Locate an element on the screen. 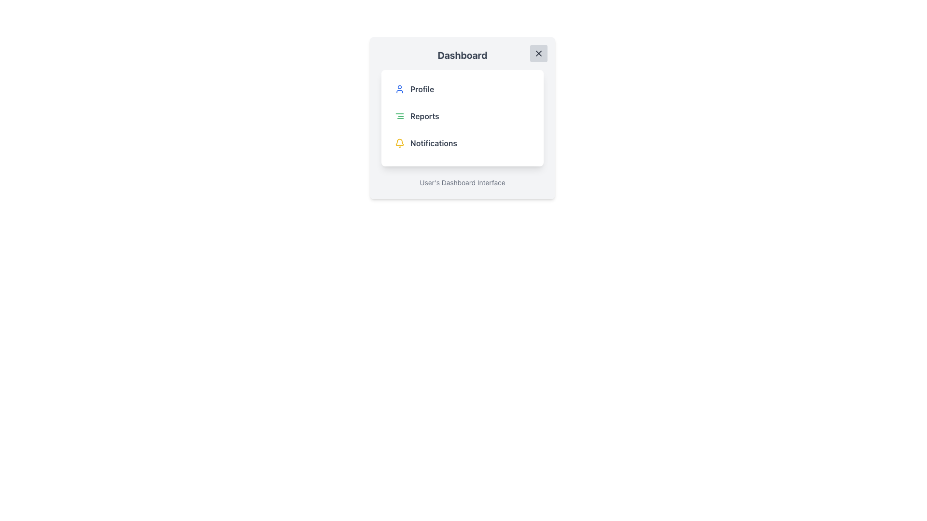 The image size is (927, 521). the 'Profile' text label, which is bold and gray-colored is located at coordinates (422, 89).